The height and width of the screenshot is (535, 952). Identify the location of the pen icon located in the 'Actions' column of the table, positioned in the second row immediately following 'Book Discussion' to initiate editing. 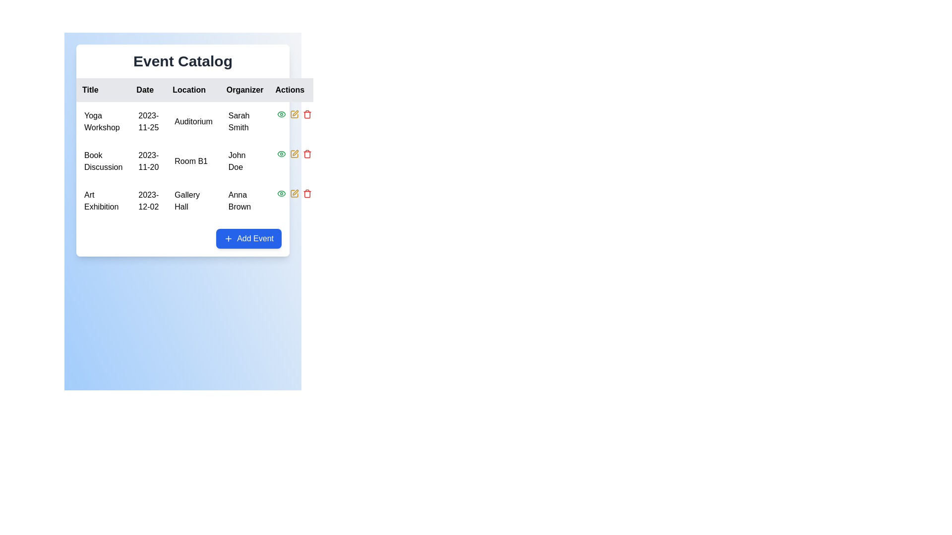
(295, 153).